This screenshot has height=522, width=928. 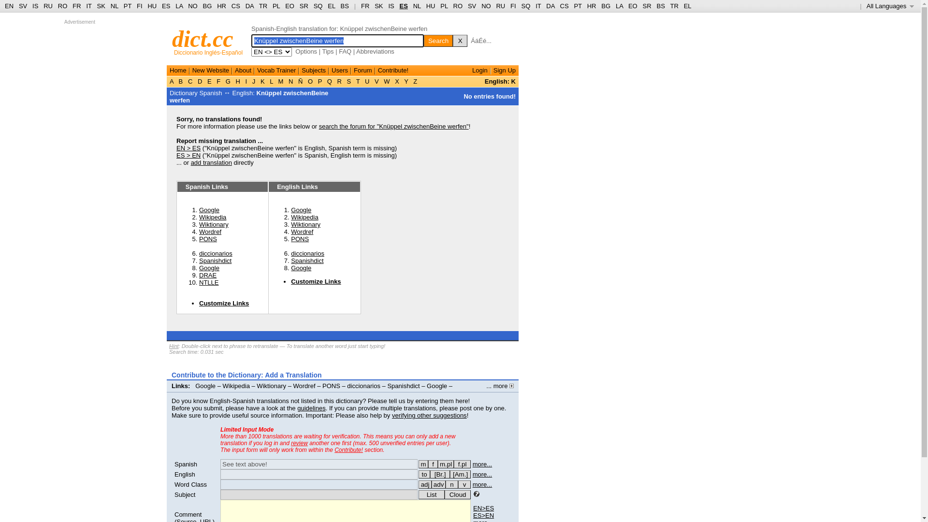 I want to click on 'BS', so click(x=660, y=6).